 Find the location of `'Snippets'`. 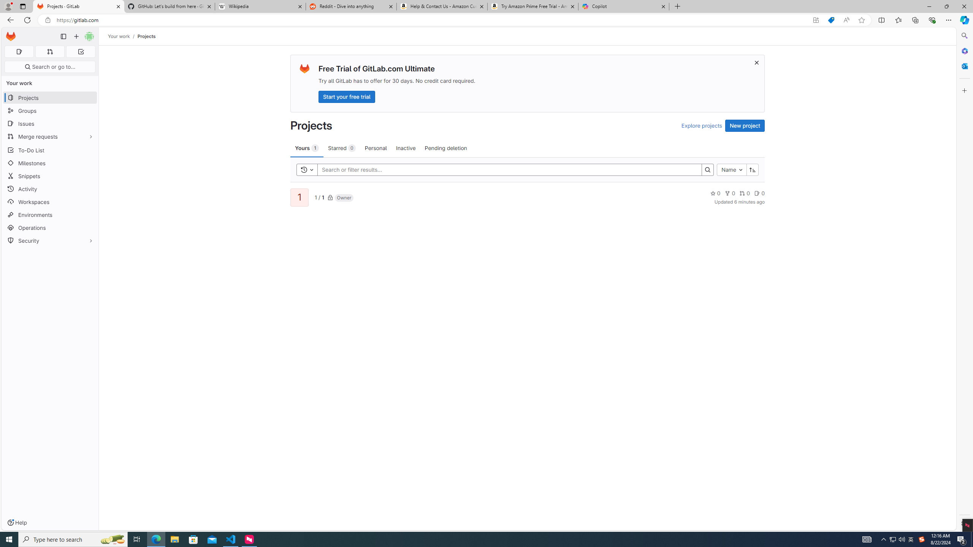

'Snippets' is located at coordinates (49, 175).